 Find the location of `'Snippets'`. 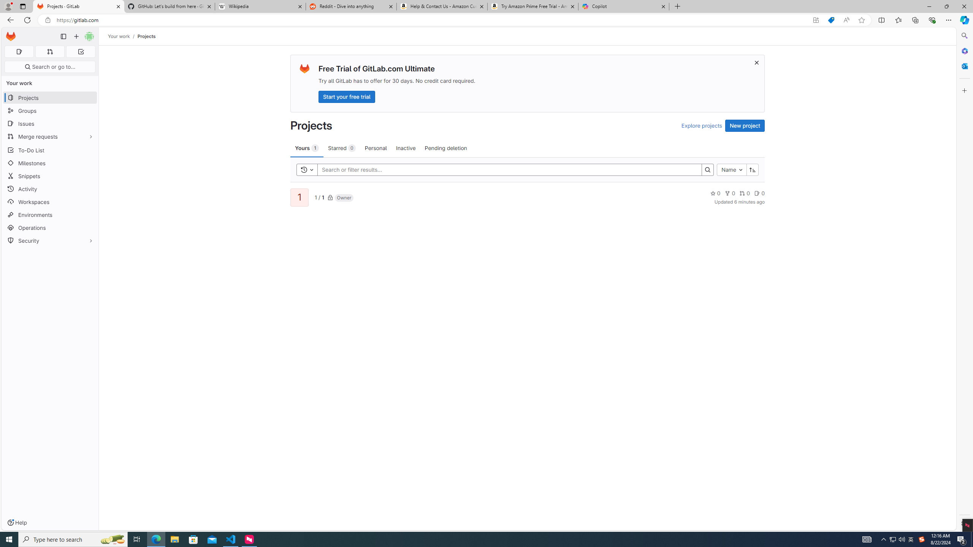

'Snippets' is located at coordinates (49, 175).